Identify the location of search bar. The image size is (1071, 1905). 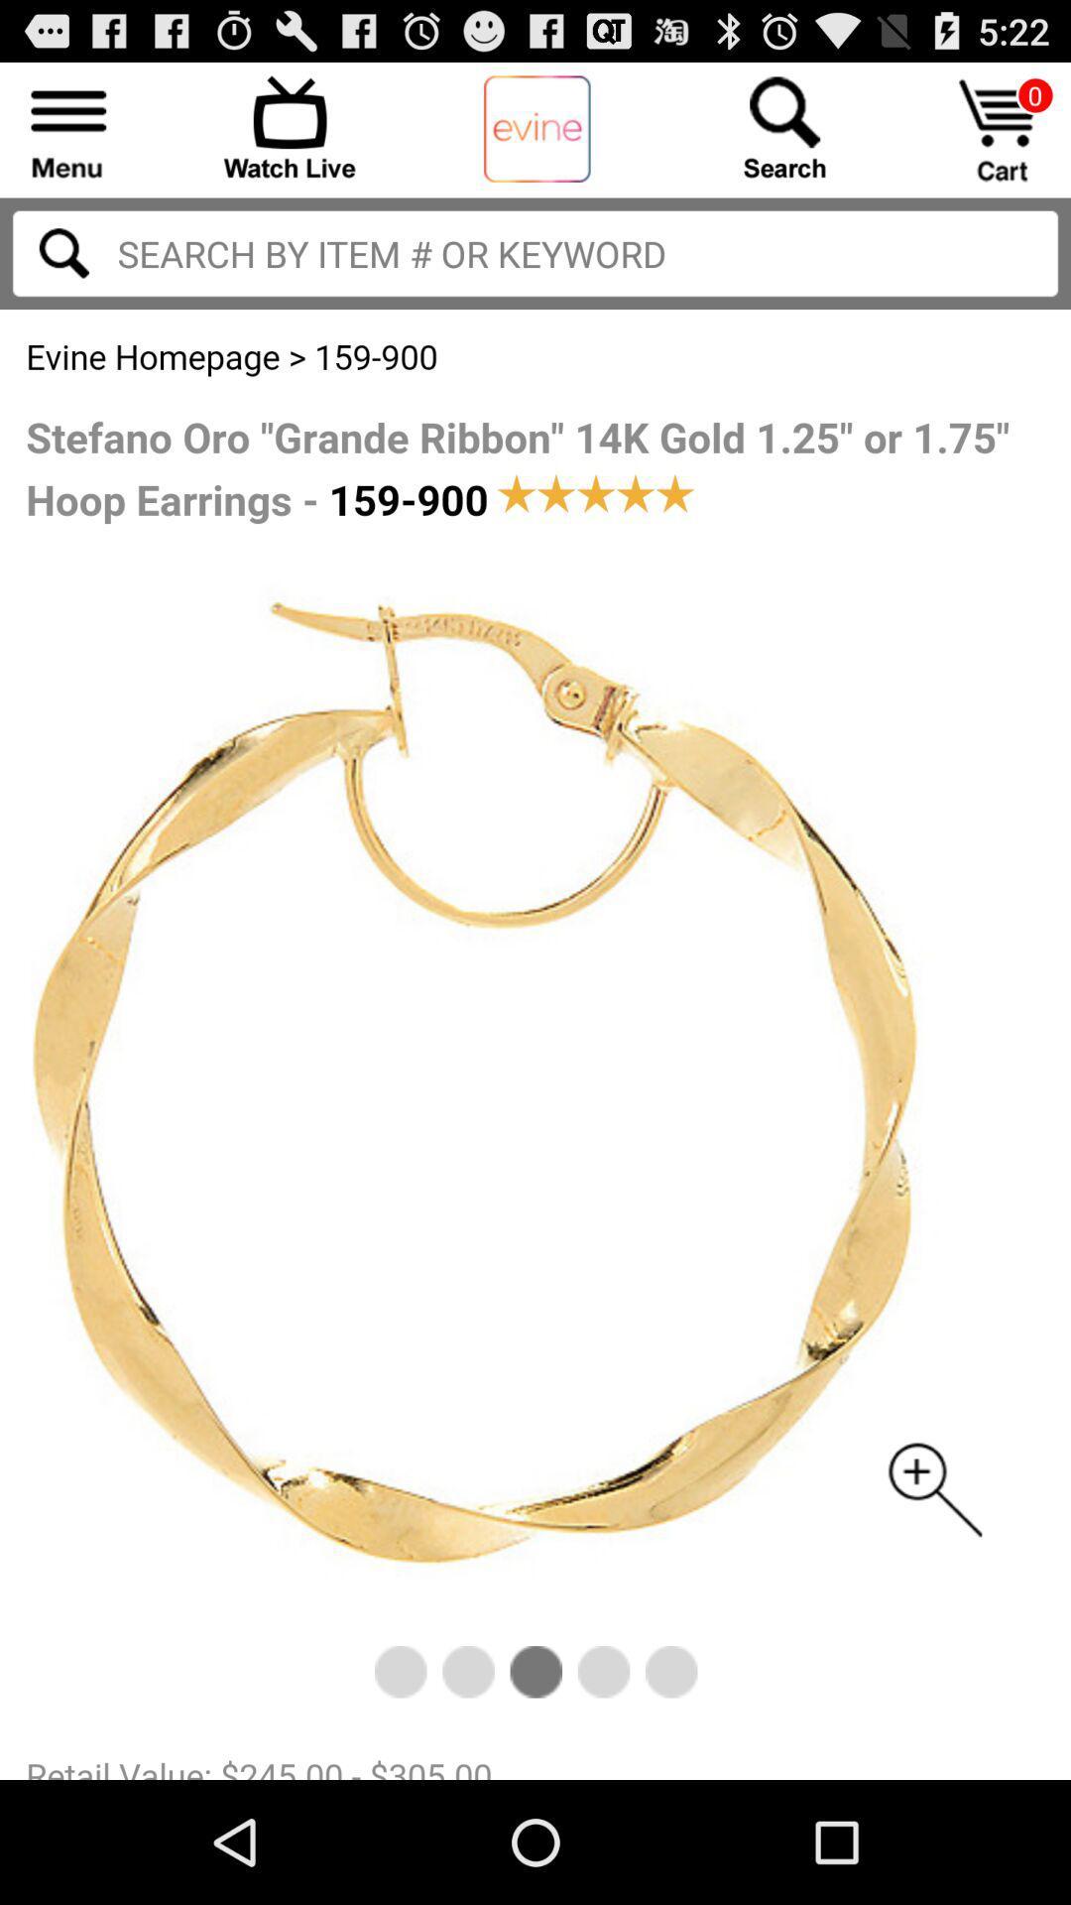
(535, 252).